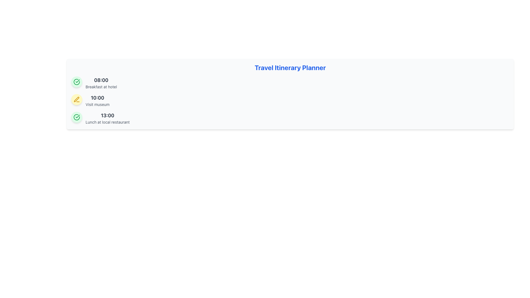 This screenshot has width=530, height=298. What do you see at coordinates (76, 117) in the screenshot?
I see `the first circular icon in the leftmost column that indicates confirmation for the '08:00 Breakfast at hotel' entry` at bounding box center [76, 117].